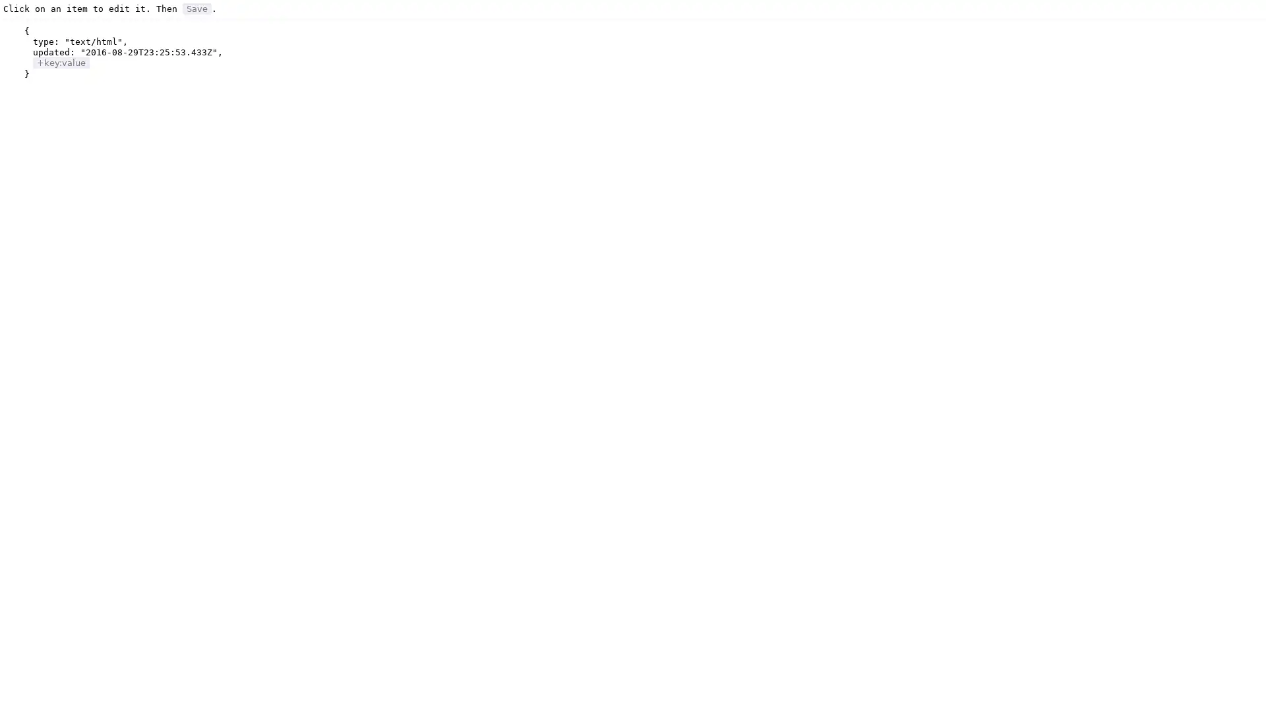  What do you see at coordinates (60, 63) in the screenshot?
I see `+key:value` at bounding box center [60, 63].